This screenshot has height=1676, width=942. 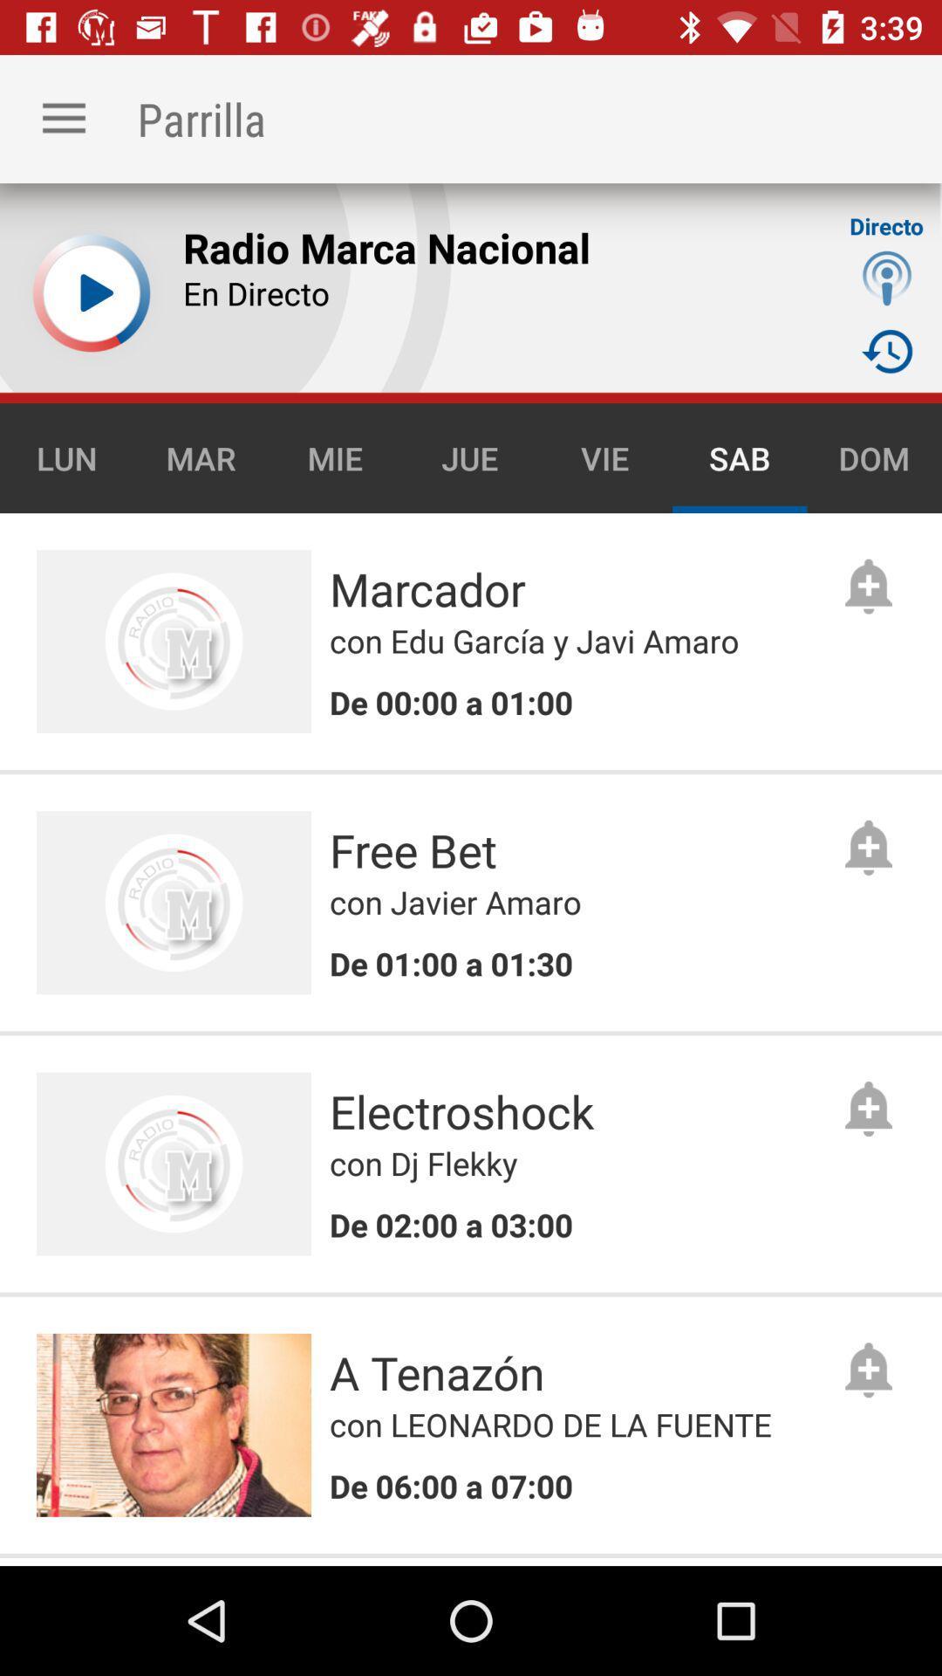 What do you see at coordinates (887, 351) in the screenshot?
I see `timer icon` at bounding box center [887, 351].